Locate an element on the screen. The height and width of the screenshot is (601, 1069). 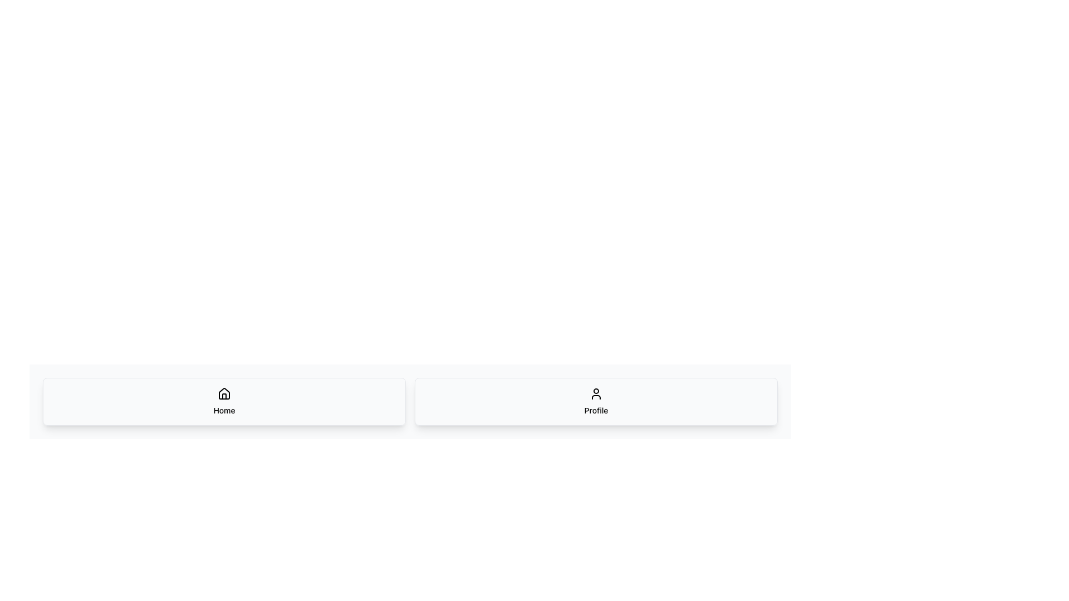
the 'Home' SVG Icon located at the top-center of the navigation bar, which visually represents the 'Home' section is located at coordinates (224, 392).